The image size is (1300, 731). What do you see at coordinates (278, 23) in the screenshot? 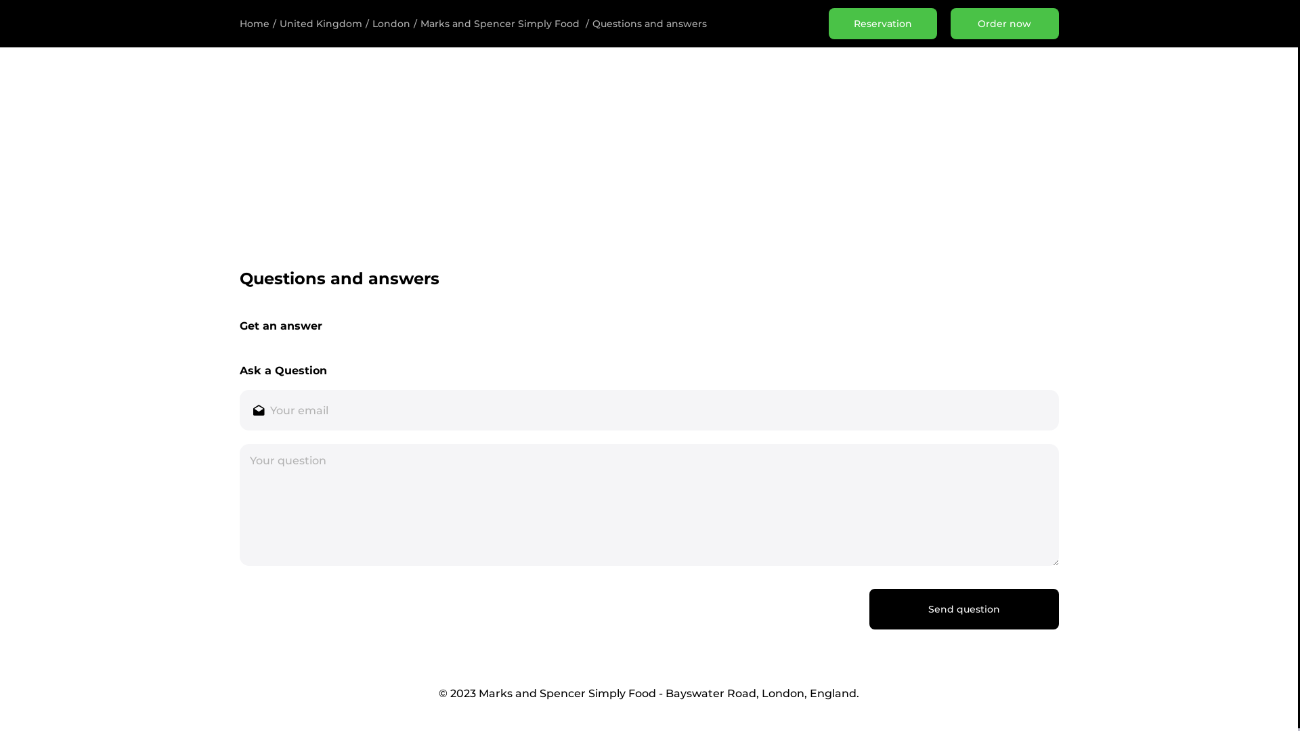
I see `'United Kingdom'` at bounding box center [278, 23].